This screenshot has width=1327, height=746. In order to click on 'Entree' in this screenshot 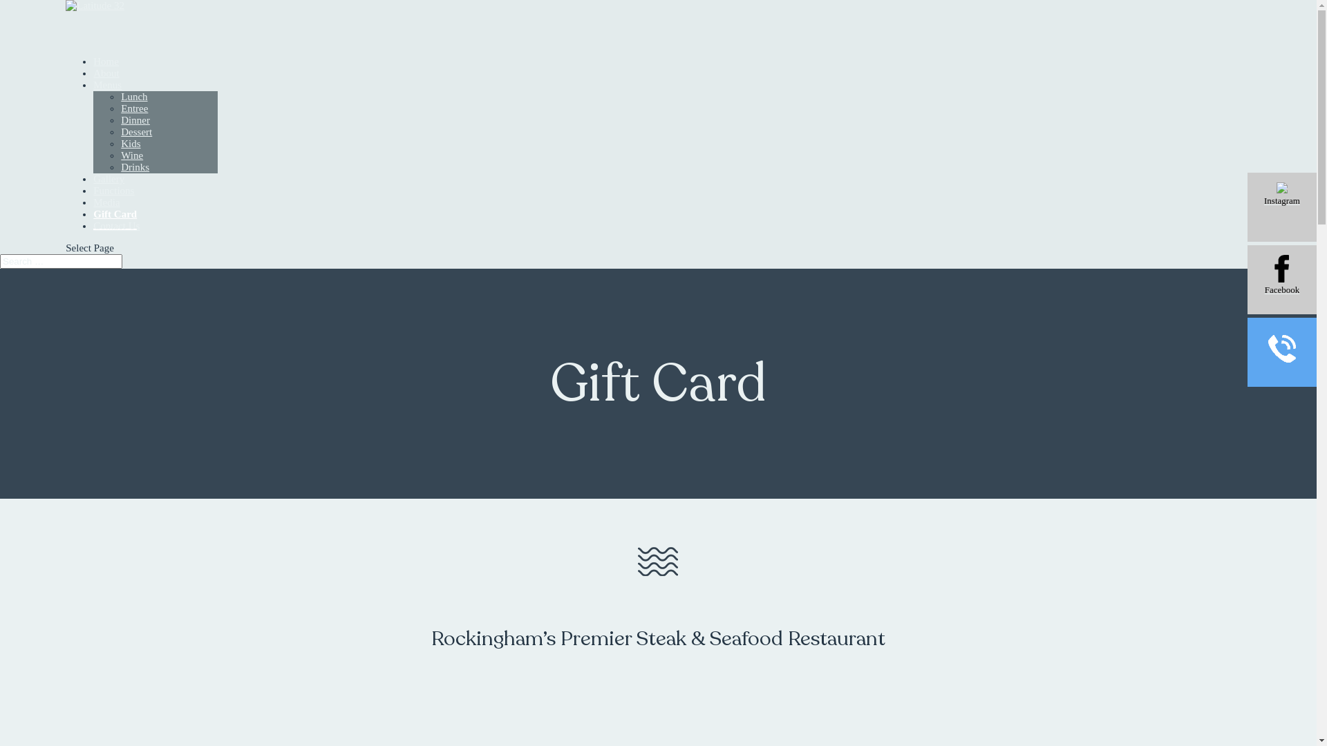, I will do `click(134, 108)`.